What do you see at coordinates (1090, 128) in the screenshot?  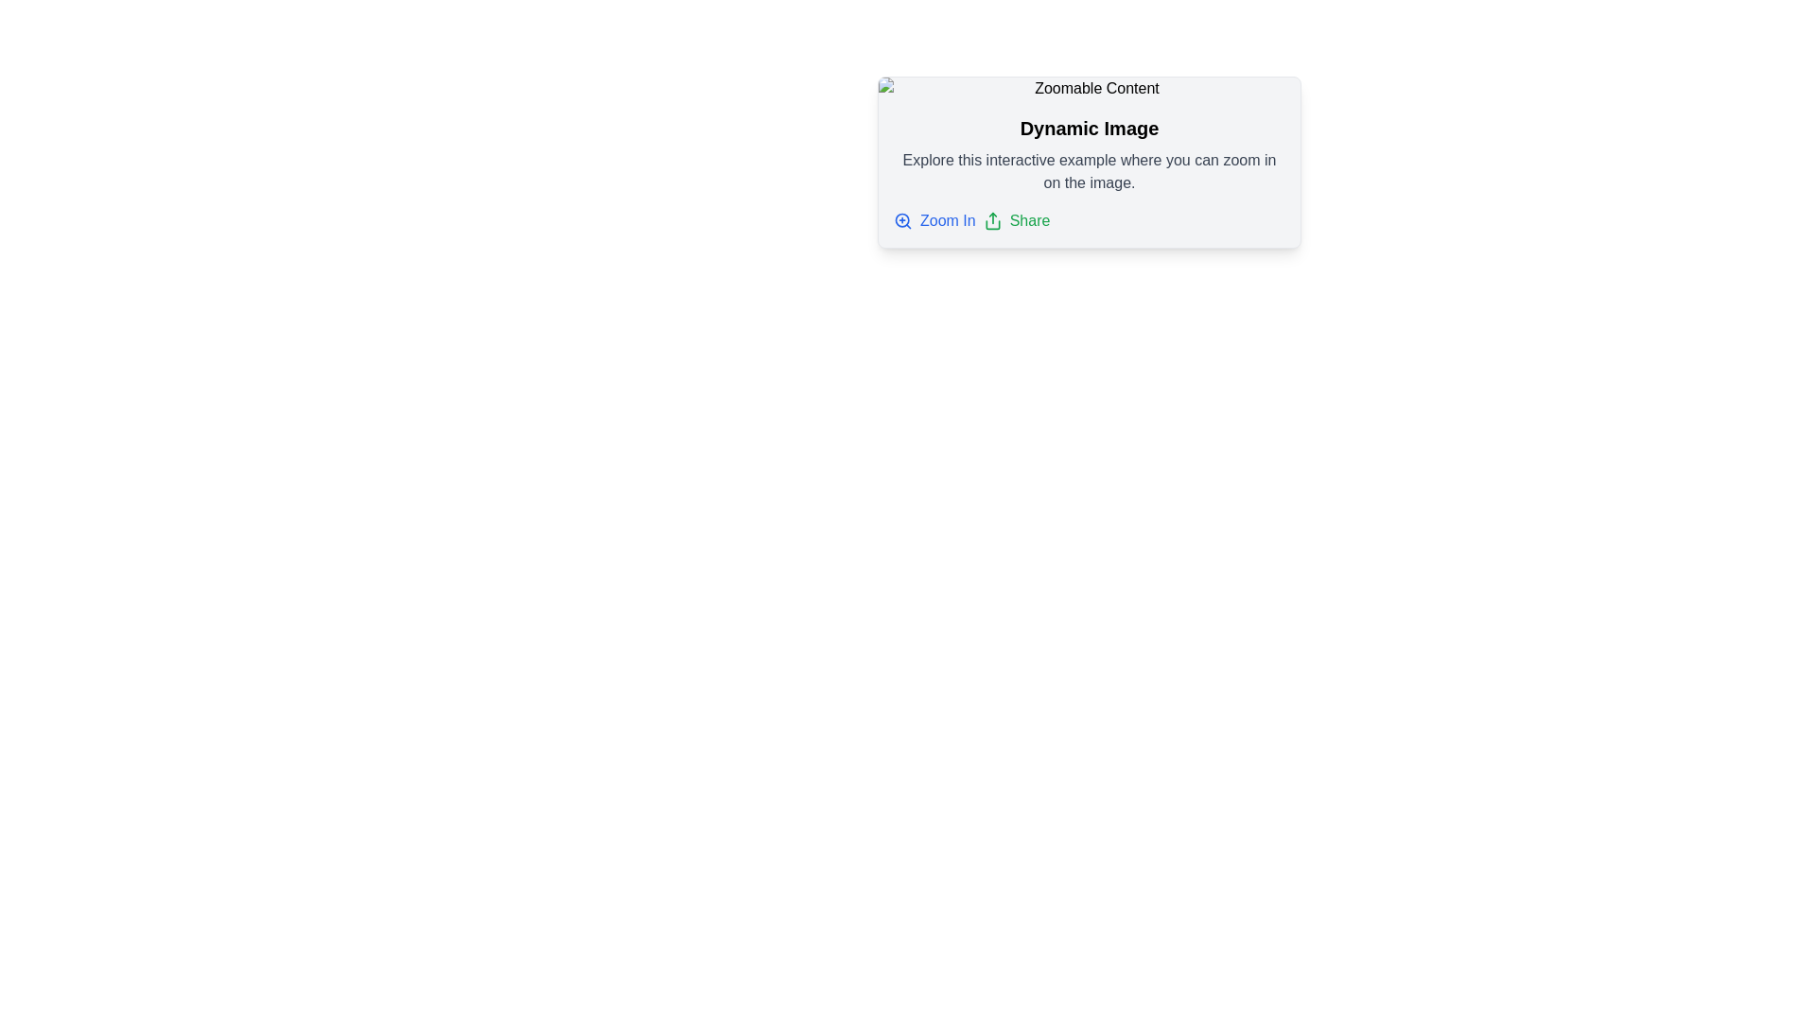 I see `the title or heading element that introduces the content related to a dynamic image example, which is located above the text 'Explore this interactive example where you can zoom in on the image.'` at bounding box center [1090, 128].